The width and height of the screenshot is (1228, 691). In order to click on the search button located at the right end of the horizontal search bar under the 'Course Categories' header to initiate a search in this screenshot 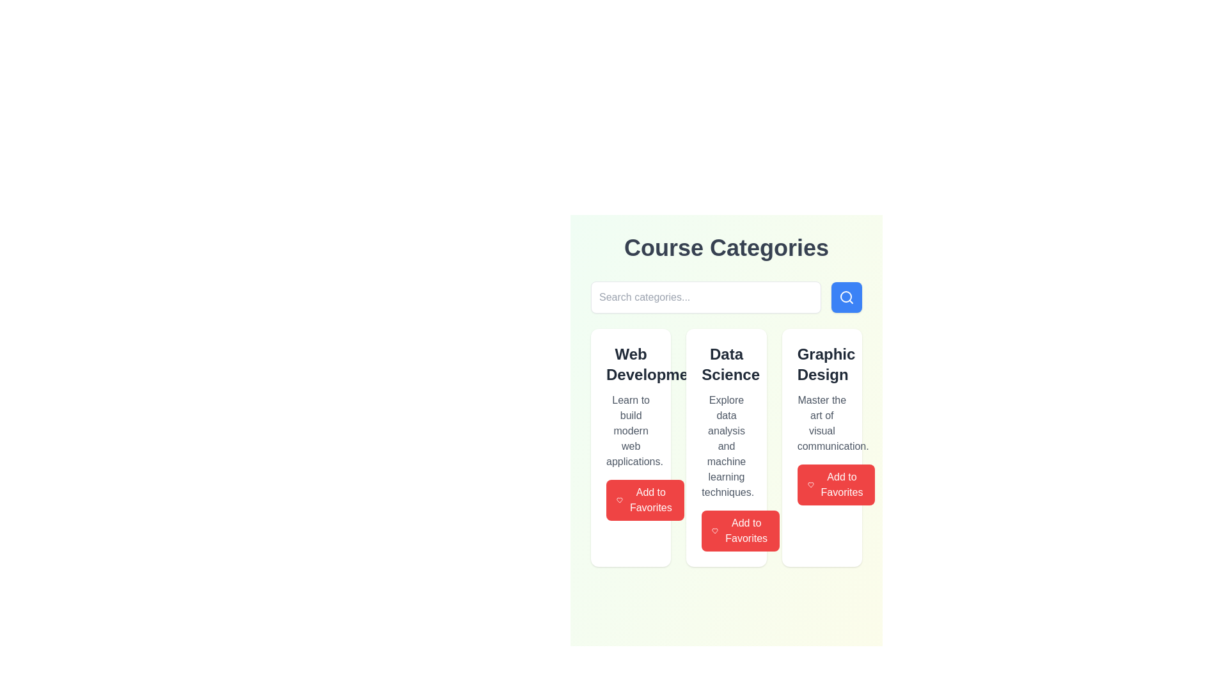, I will do `click(847, 298)`.